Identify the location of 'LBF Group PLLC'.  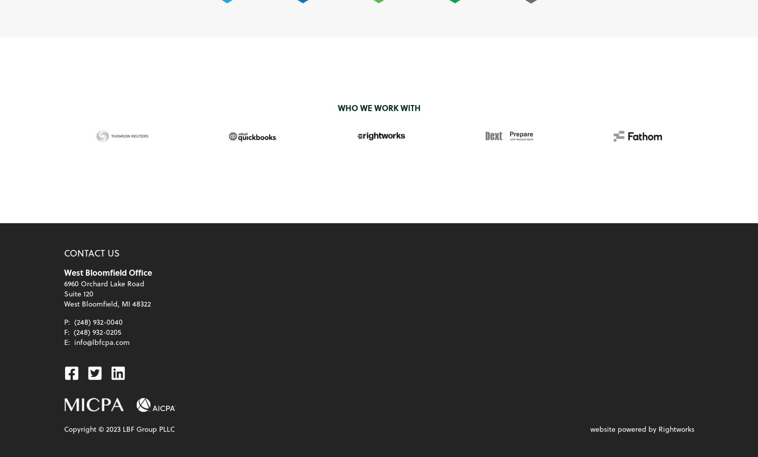
(120, 428).